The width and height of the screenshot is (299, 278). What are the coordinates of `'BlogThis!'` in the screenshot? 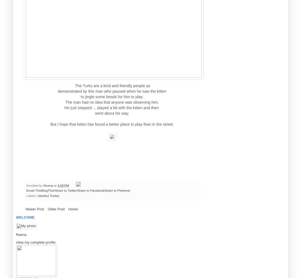 It's located at (41, 190).